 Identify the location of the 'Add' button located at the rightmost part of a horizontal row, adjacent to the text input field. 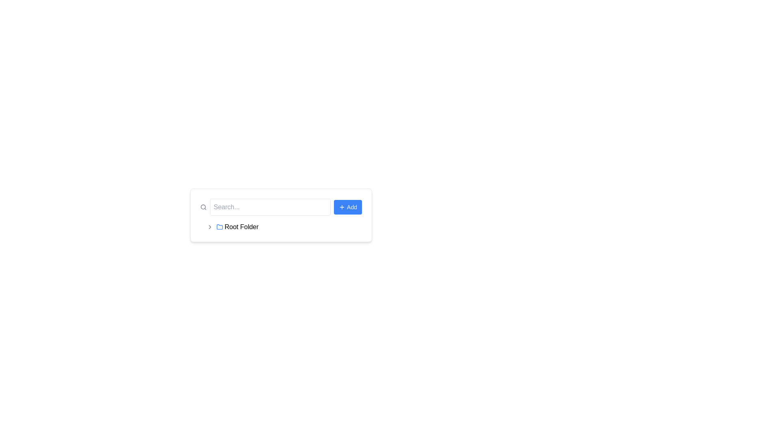
(348, 206).